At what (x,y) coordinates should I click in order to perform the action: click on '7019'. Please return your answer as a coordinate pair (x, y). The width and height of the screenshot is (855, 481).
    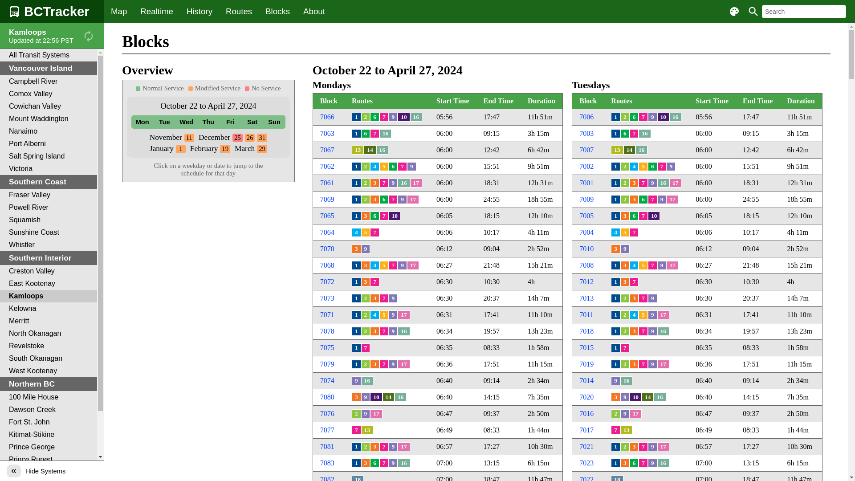
    Looking at the image, I should click on (586, 364).